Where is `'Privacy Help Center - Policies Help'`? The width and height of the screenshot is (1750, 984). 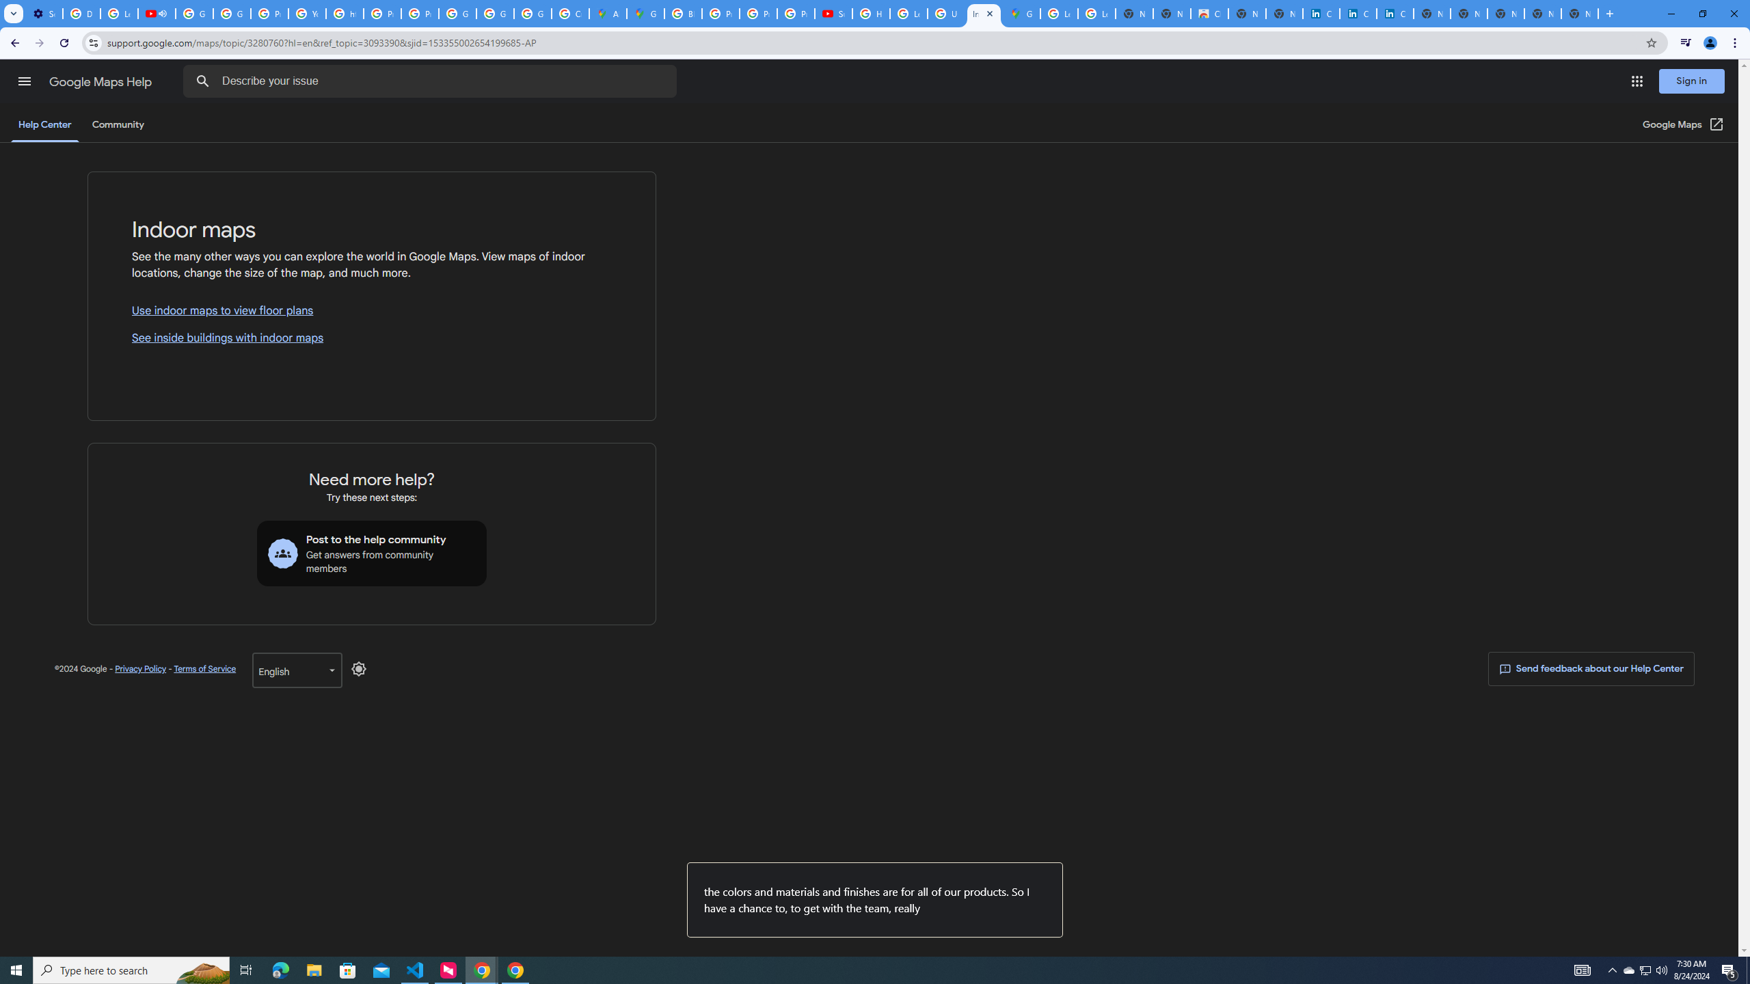
'Privacy Help Center - Policies Help' is located at coordinates (757, 13).